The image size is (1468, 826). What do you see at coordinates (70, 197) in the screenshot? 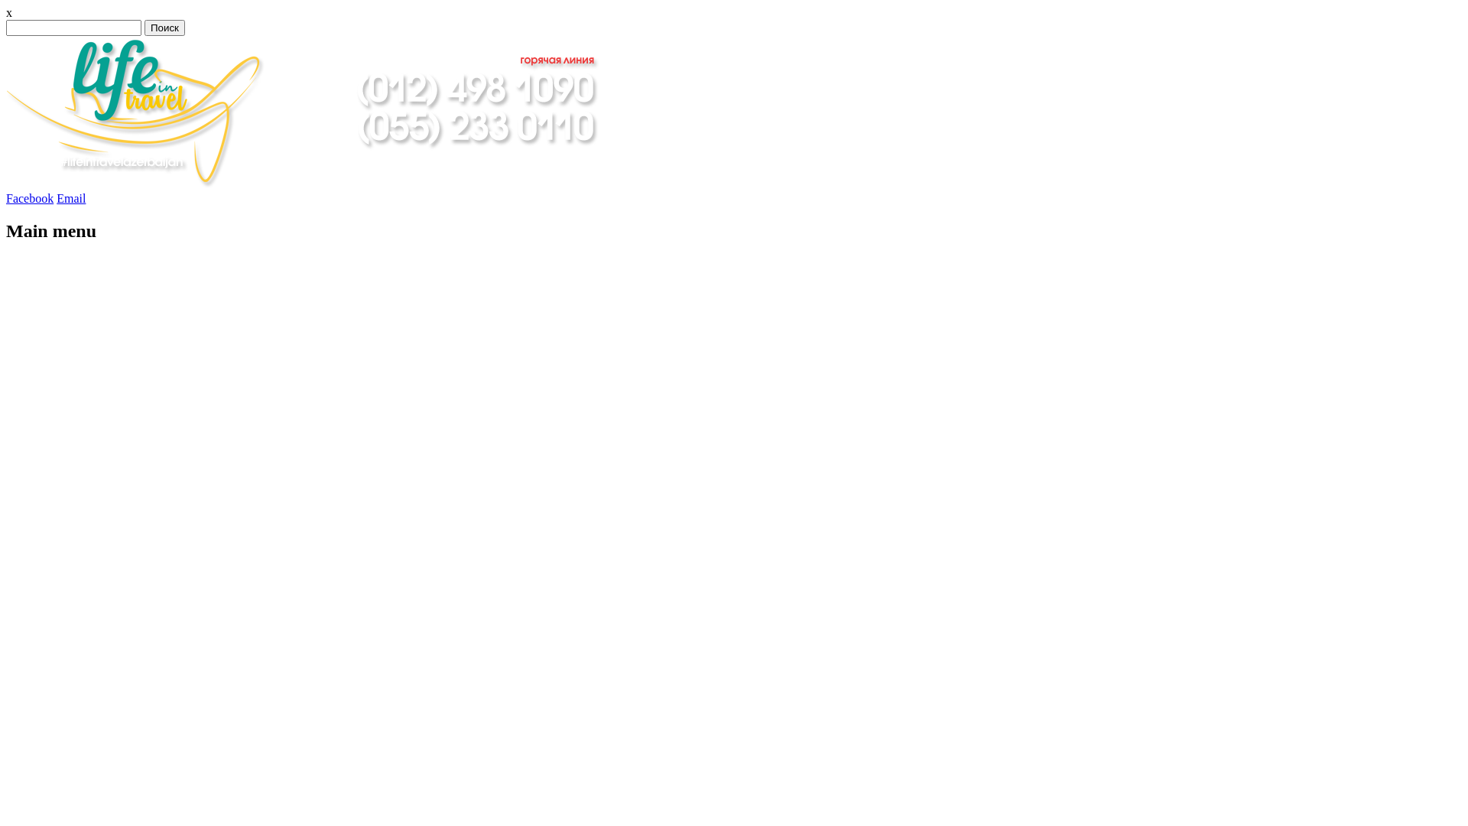
I see `'Email'` at bounding box center [70, 197].